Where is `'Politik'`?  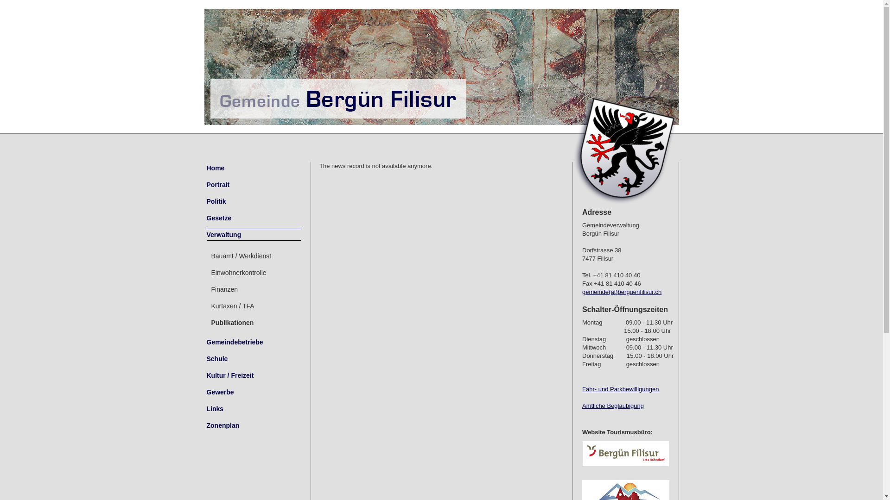
'Politik' is located at coordinates (254, 201).